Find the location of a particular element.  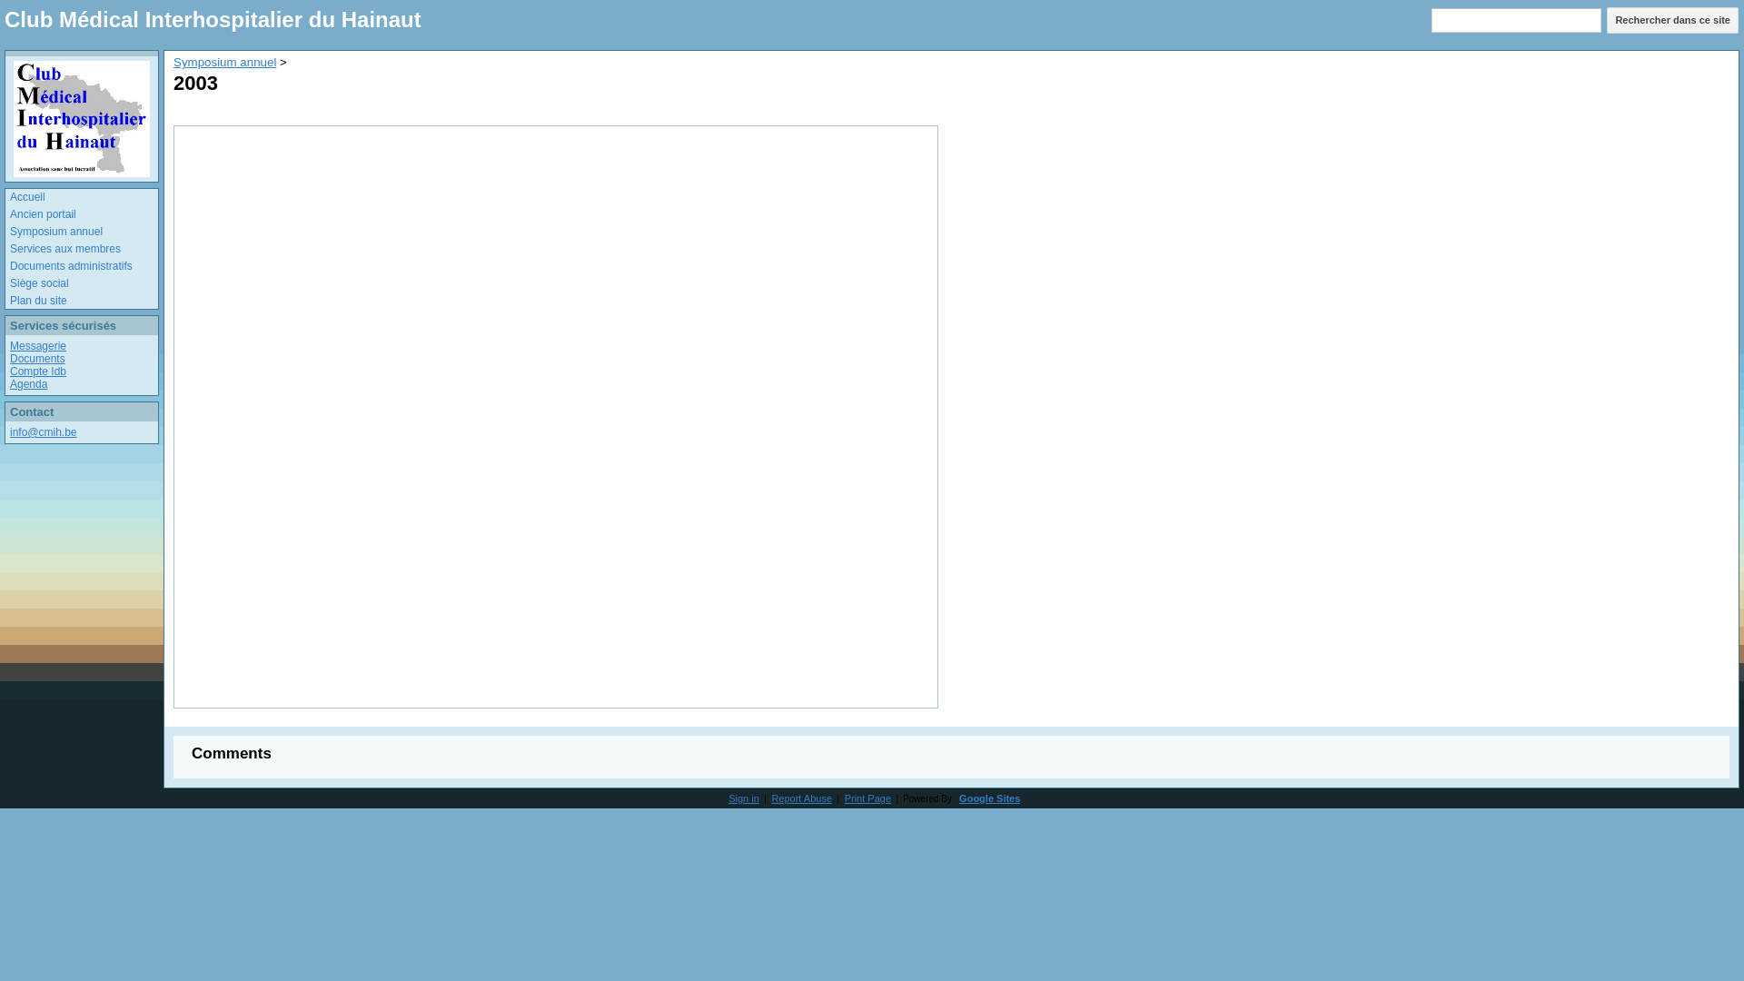

'Symposium annuel' is located at coordinates (173, 61).